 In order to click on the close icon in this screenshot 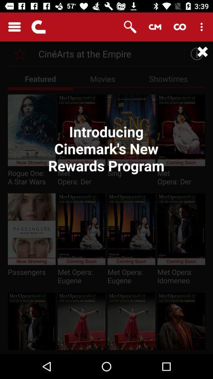, I will do `click(202, 51)`.